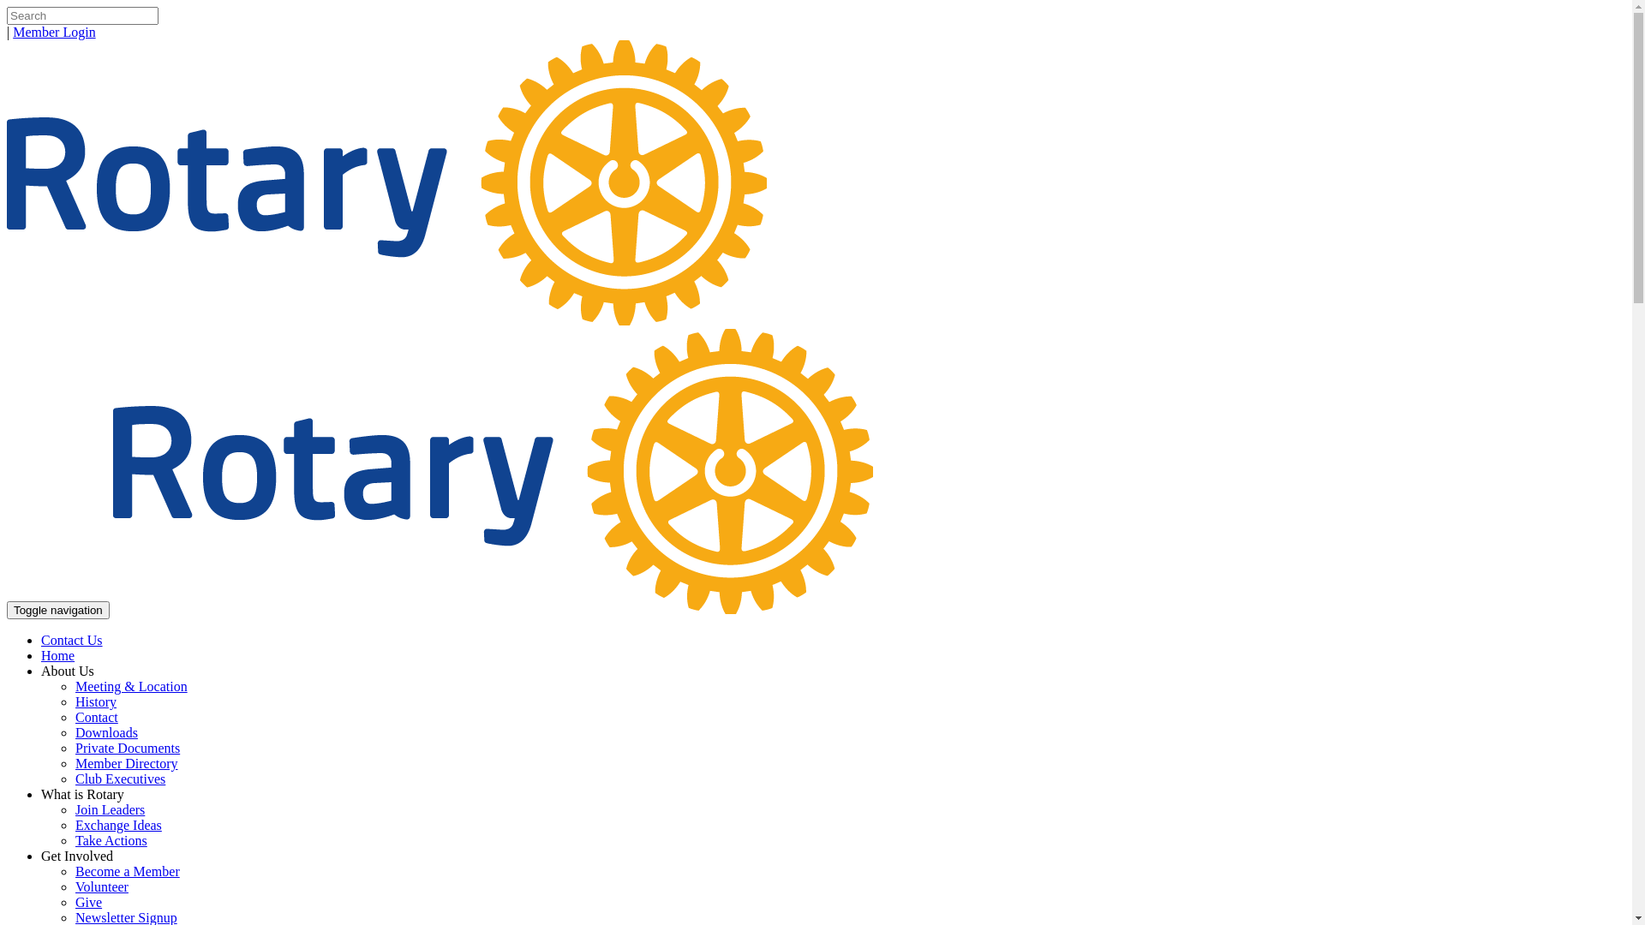  Describe the element at coordinates (126, 871) in the screenshot. I see `'Become a Member'` at that location.